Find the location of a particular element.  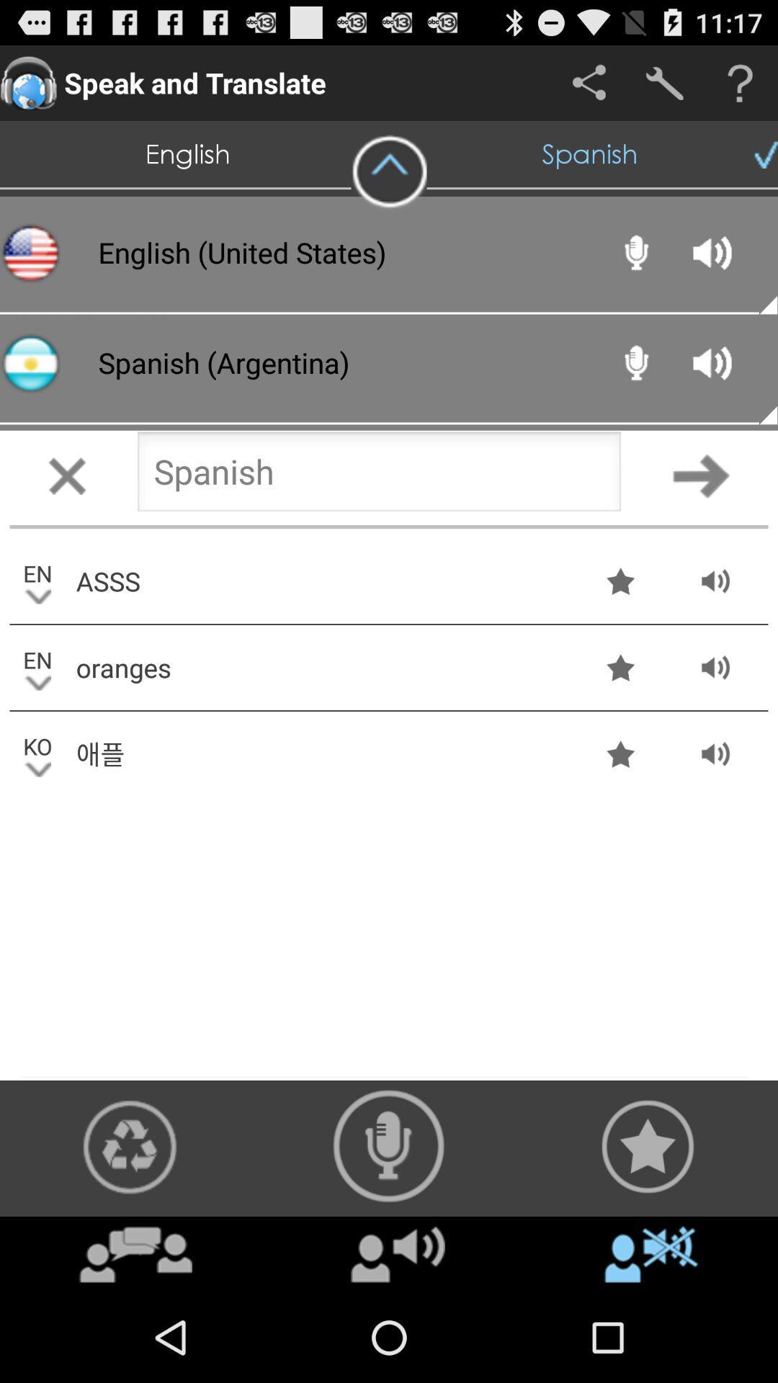

favorite mark is located at coordinates (647, 1145).